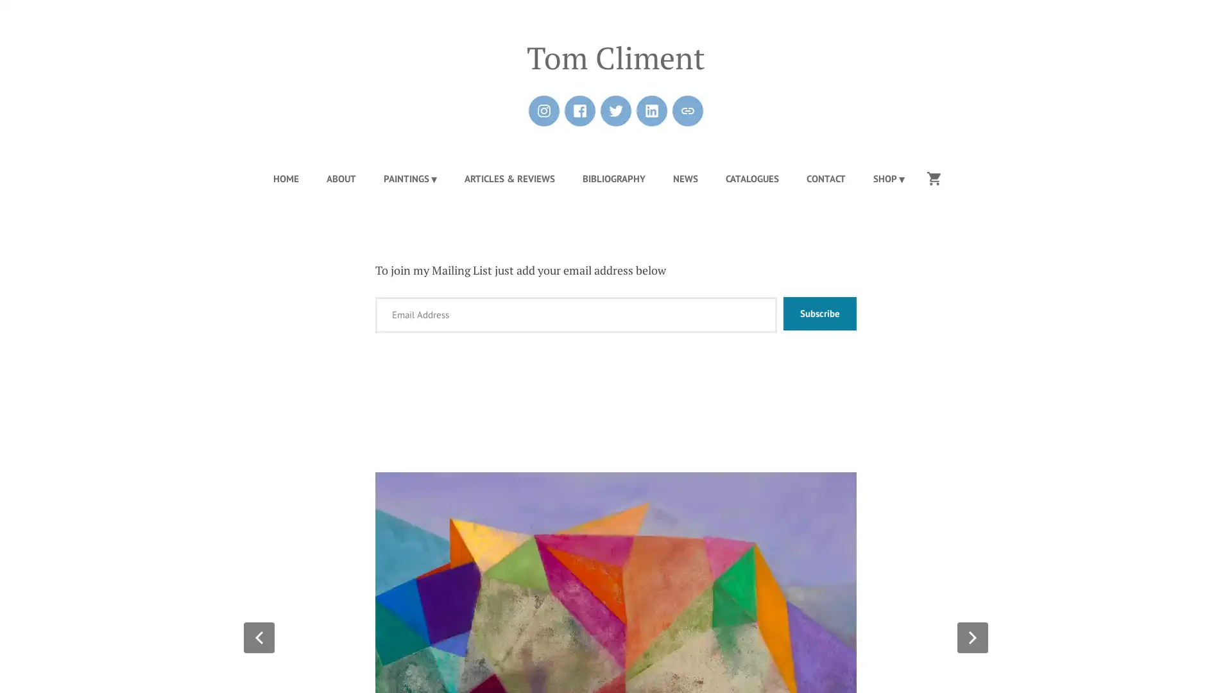 The width and height of the screenshot is (1232, 693). I want to click on Subscribe, so click(819, 314).